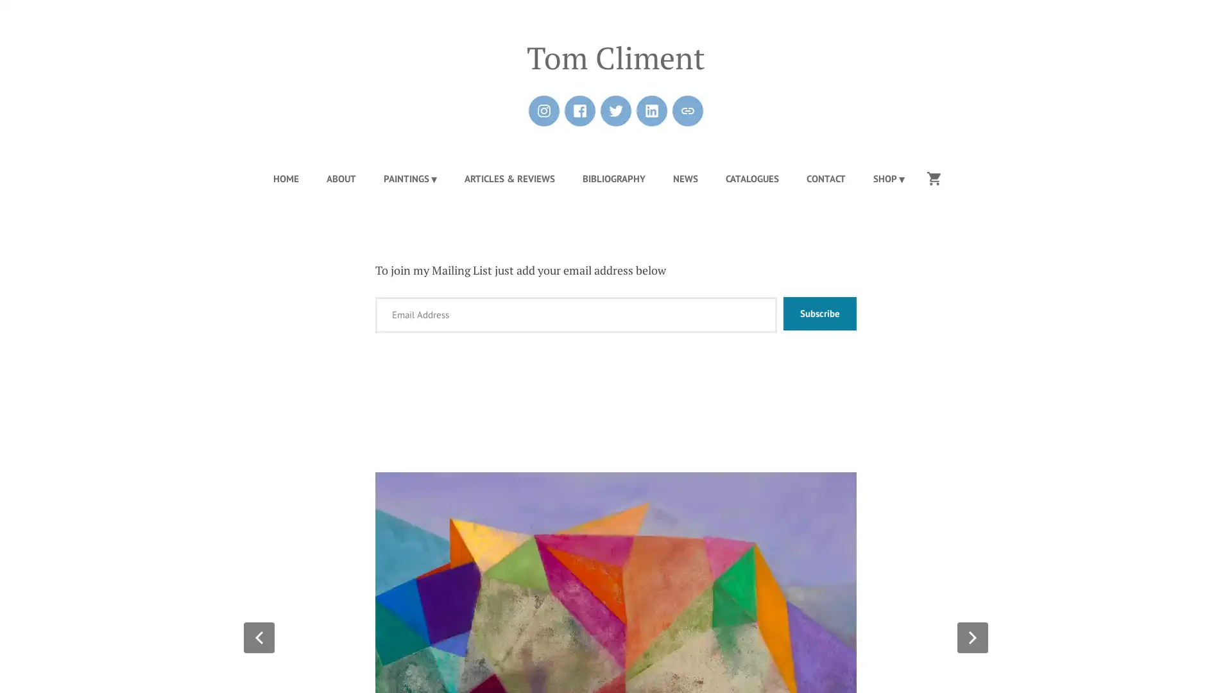 The width and height of the screenshot is (1232, 693). I want to click on Subscribe, so click(819, 314).